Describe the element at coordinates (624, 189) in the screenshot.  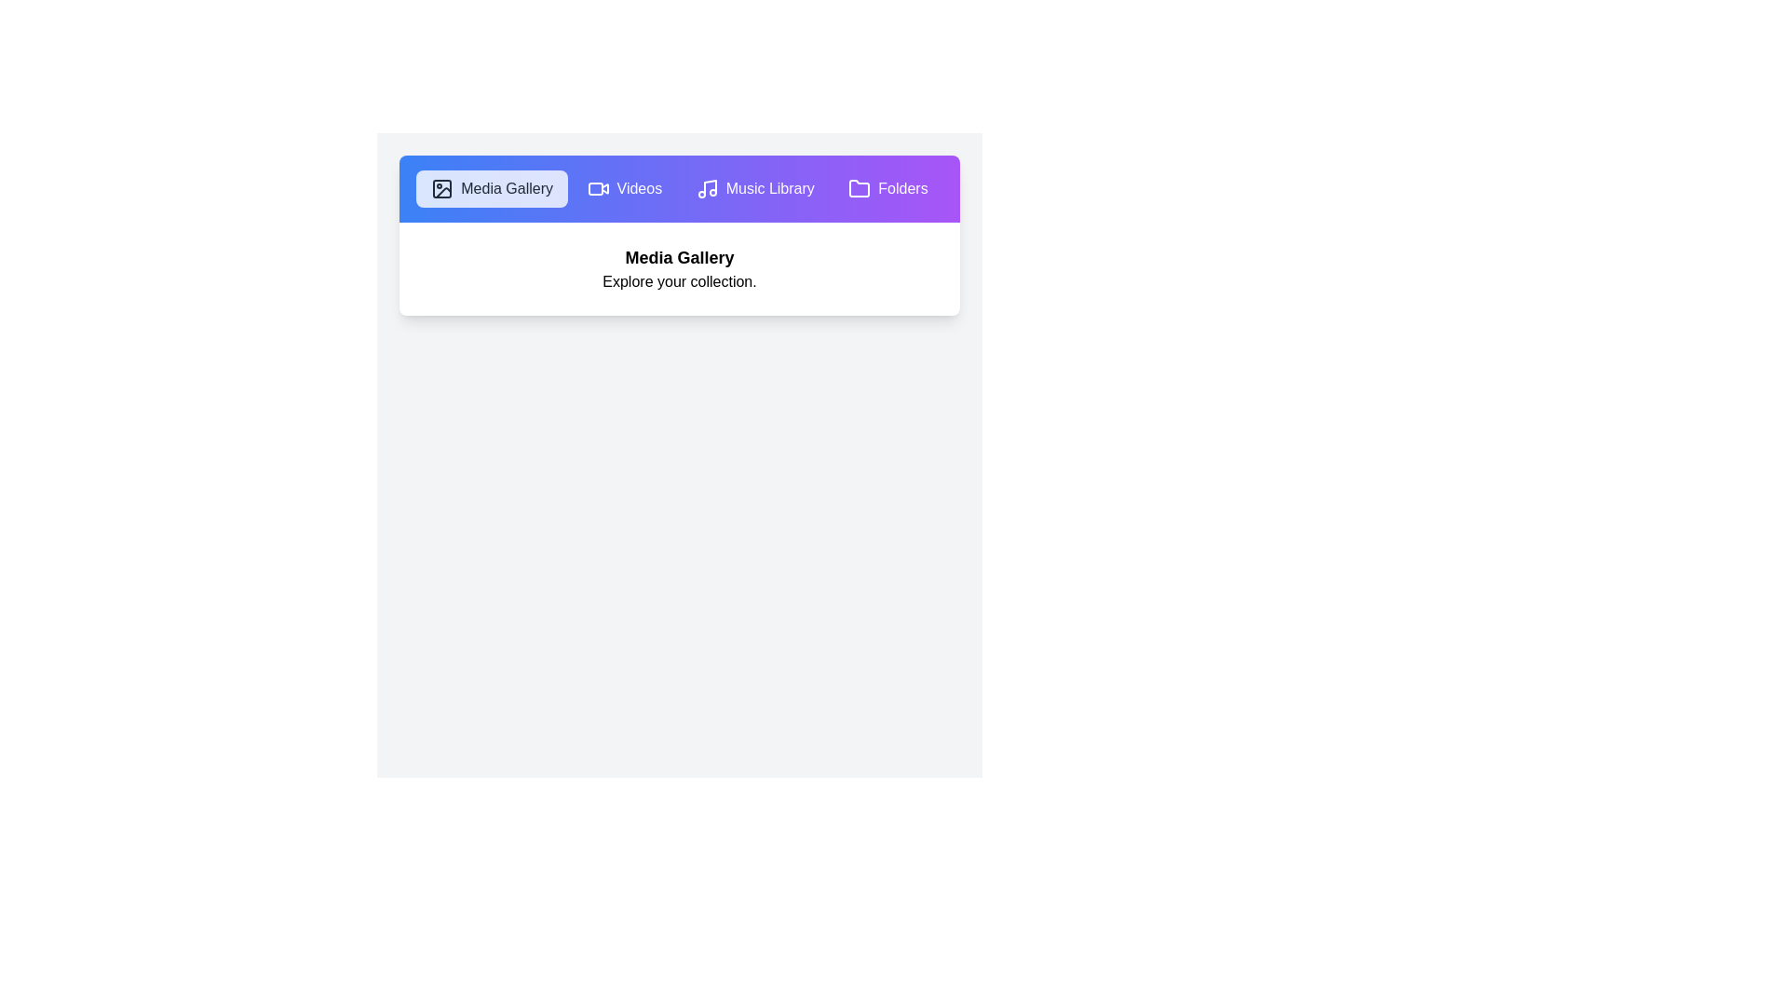
I see `the 'Videos' button, which has a text label 'Videos' with a video icon on its left, located in the header section of the interface` at that location.